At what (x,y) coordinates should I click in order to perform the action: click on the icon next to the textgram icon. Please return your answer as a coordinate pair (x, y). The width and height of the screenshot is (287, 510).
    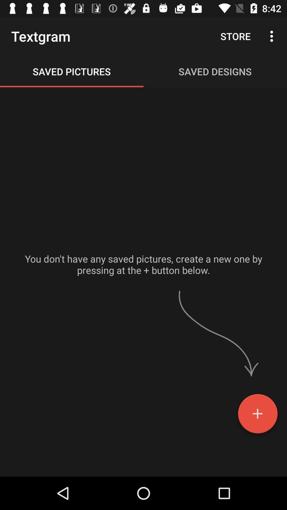
    Looking at the image, I should click on (235, 36).